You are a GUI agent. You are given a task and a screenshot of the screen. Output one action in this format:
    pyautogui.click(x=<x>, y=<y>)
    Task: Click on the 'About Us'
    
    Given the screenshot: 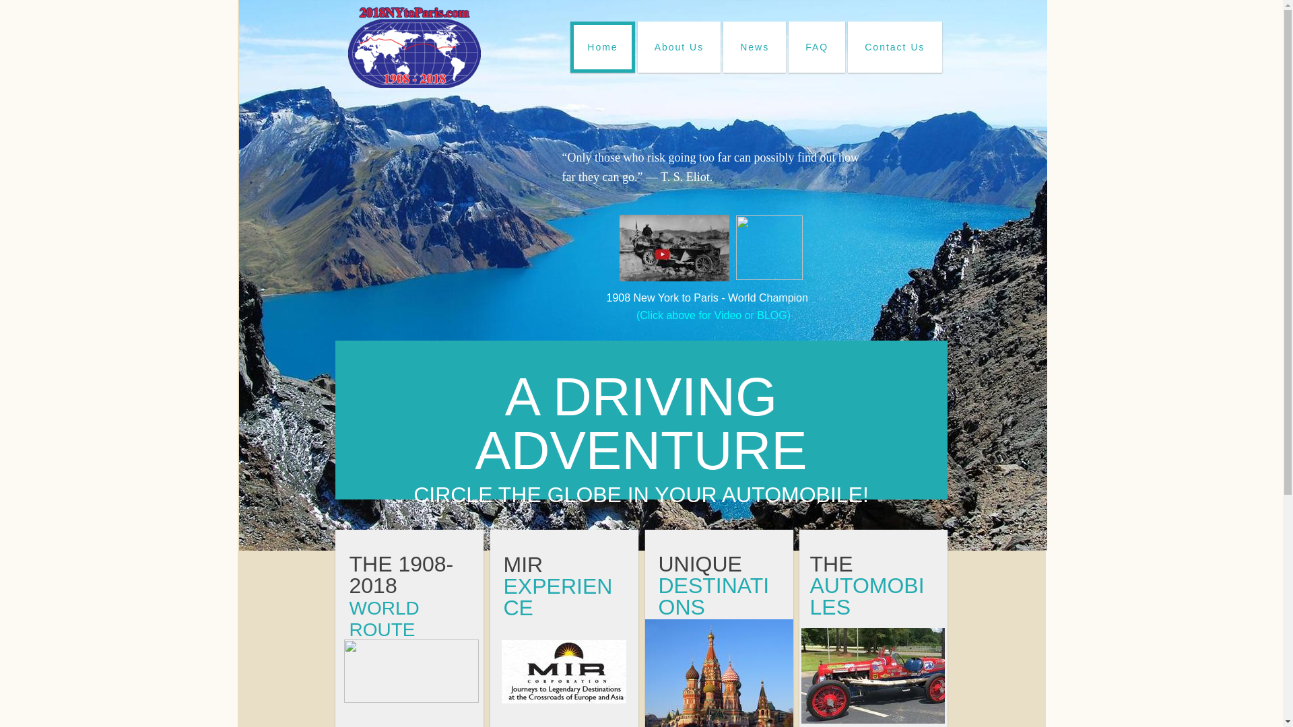 What is the action you would take?
    pyautogui.click(x=679, y=46)
    